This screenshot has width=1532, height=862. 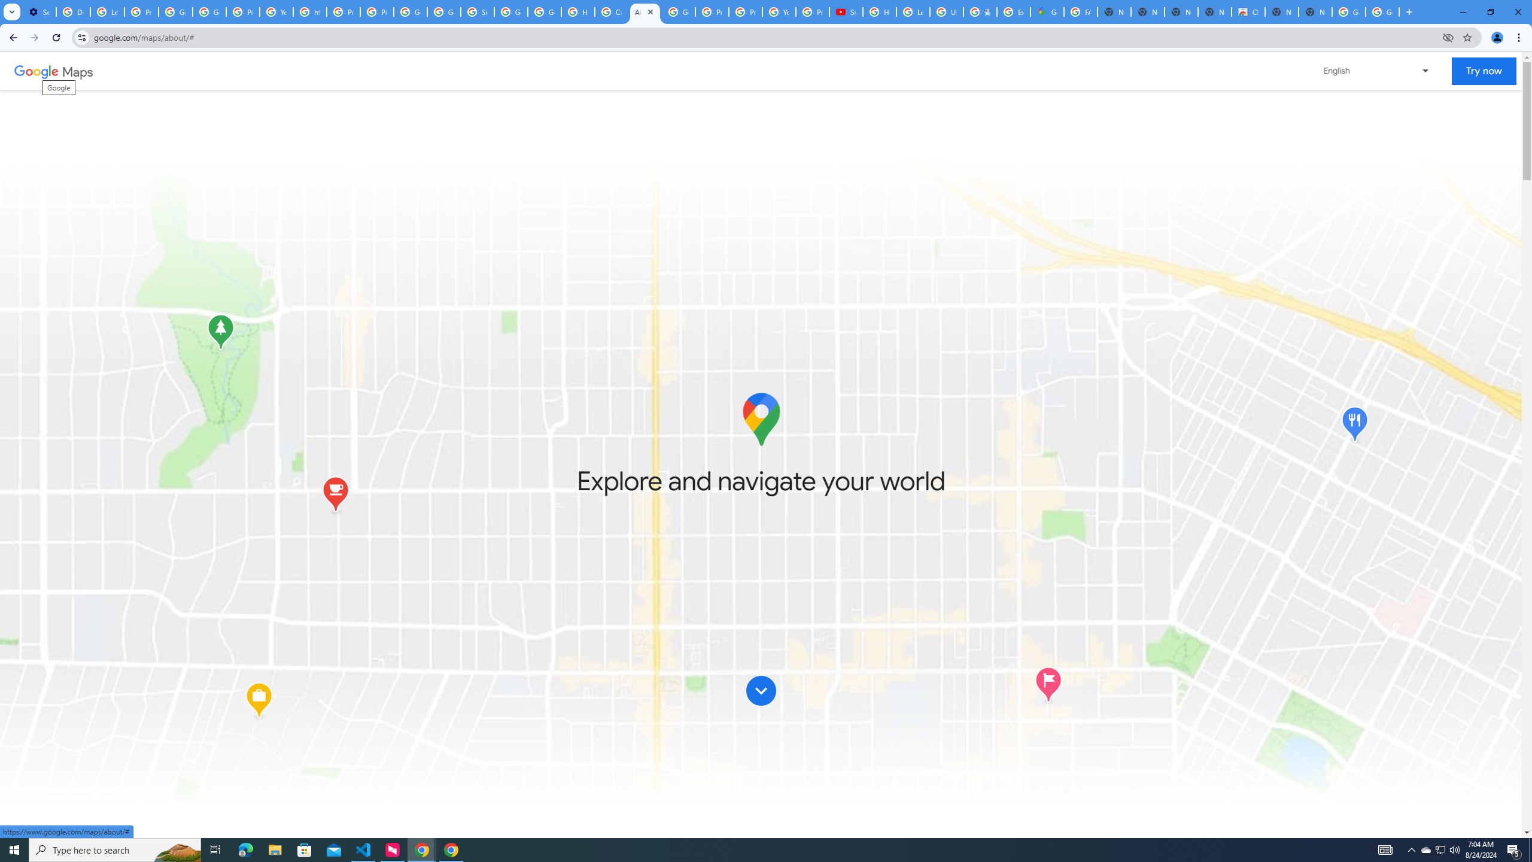 What do you see at coordinates (1315, 11) in the screenshot?
I see `'New Tab'` at bounding box center [1315, 11].